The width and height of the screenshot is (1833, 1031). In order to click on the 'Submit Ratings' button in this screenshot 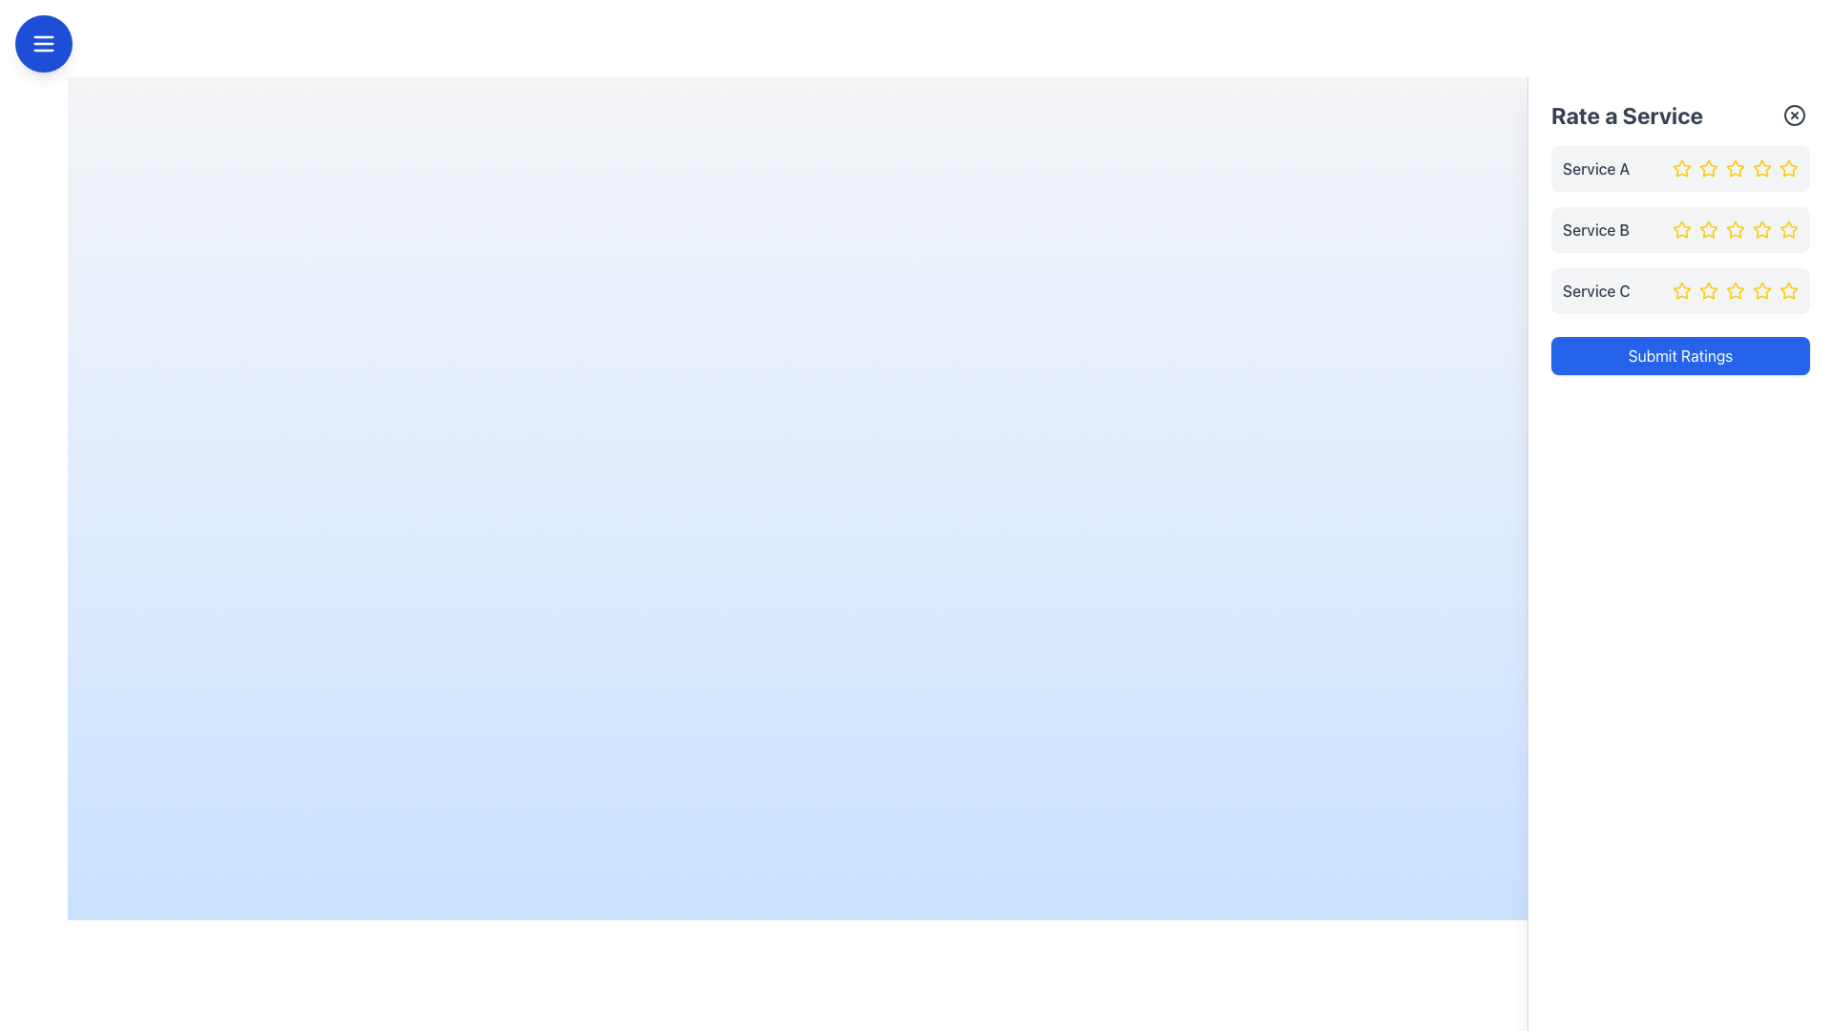, I will do `click(1680, 356)`.